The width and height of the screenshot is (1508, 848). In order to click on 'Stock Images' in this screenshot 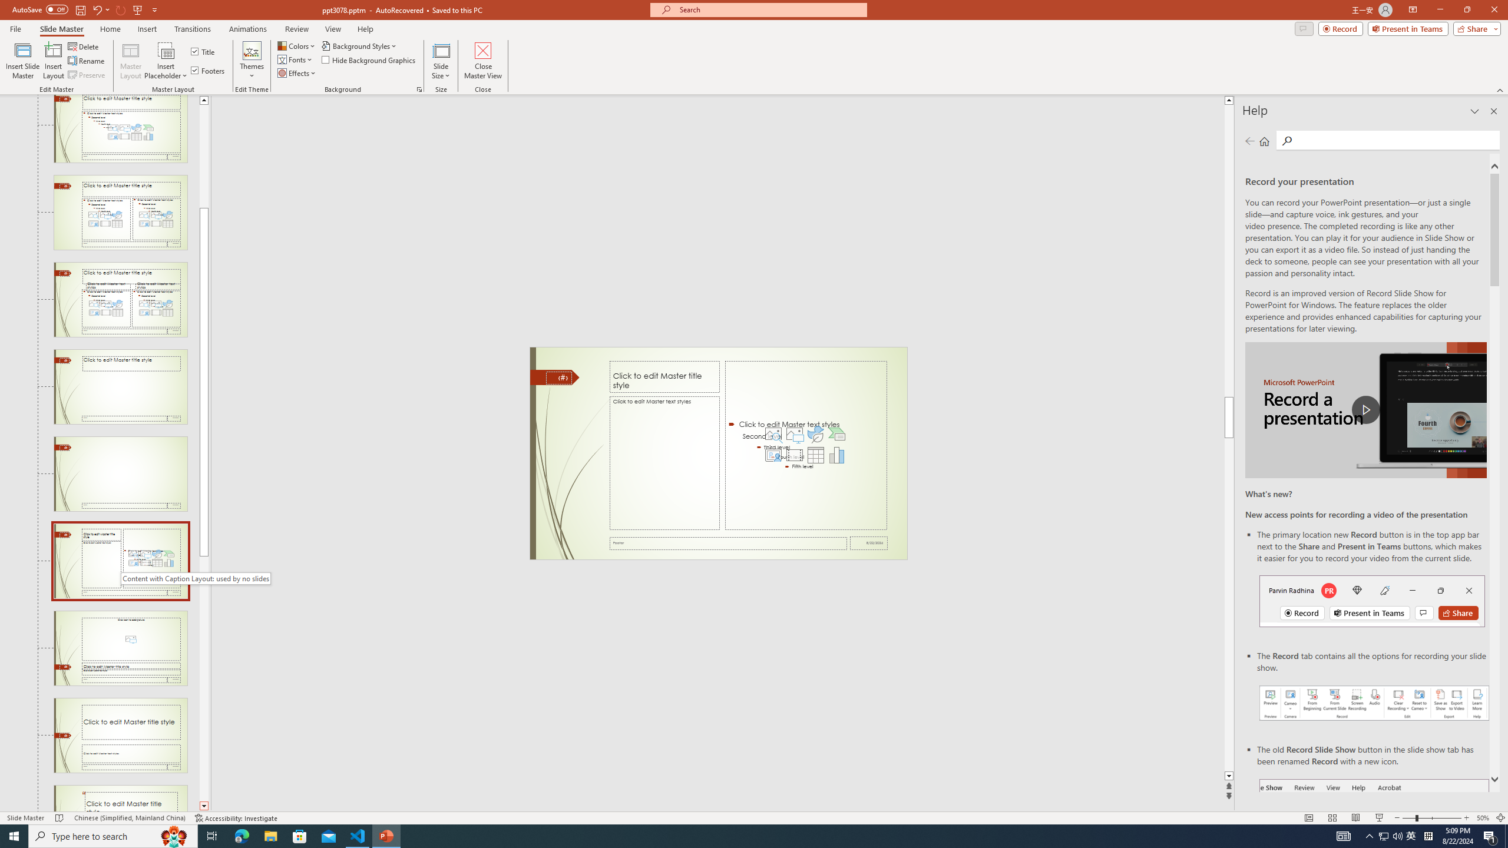, I will do `click(773, 433)`.